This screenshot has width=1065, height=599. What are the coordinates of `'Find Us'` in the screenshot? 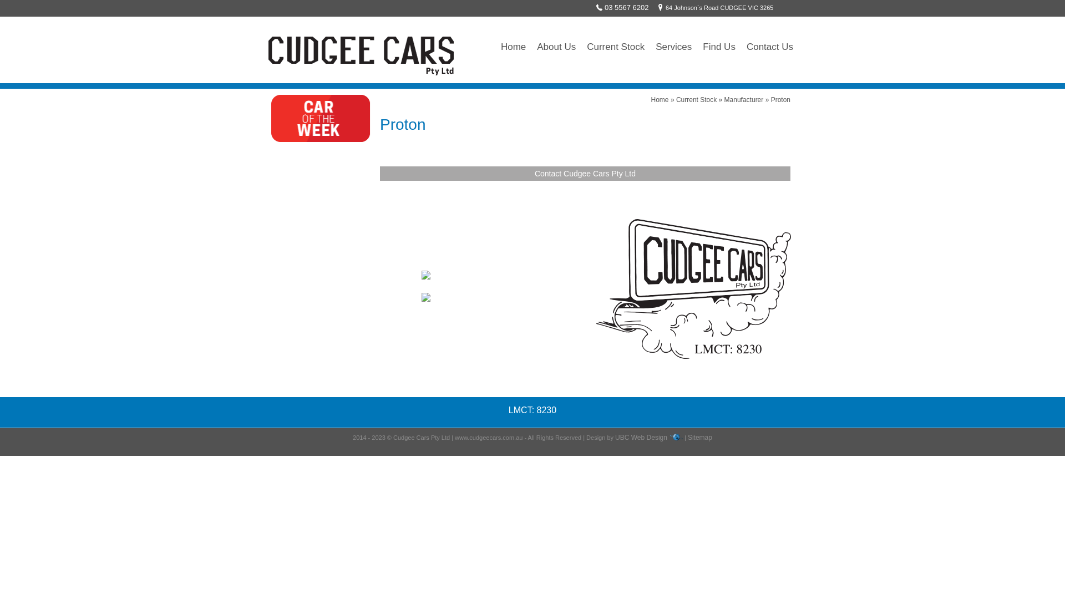 It's located at (697, 46).